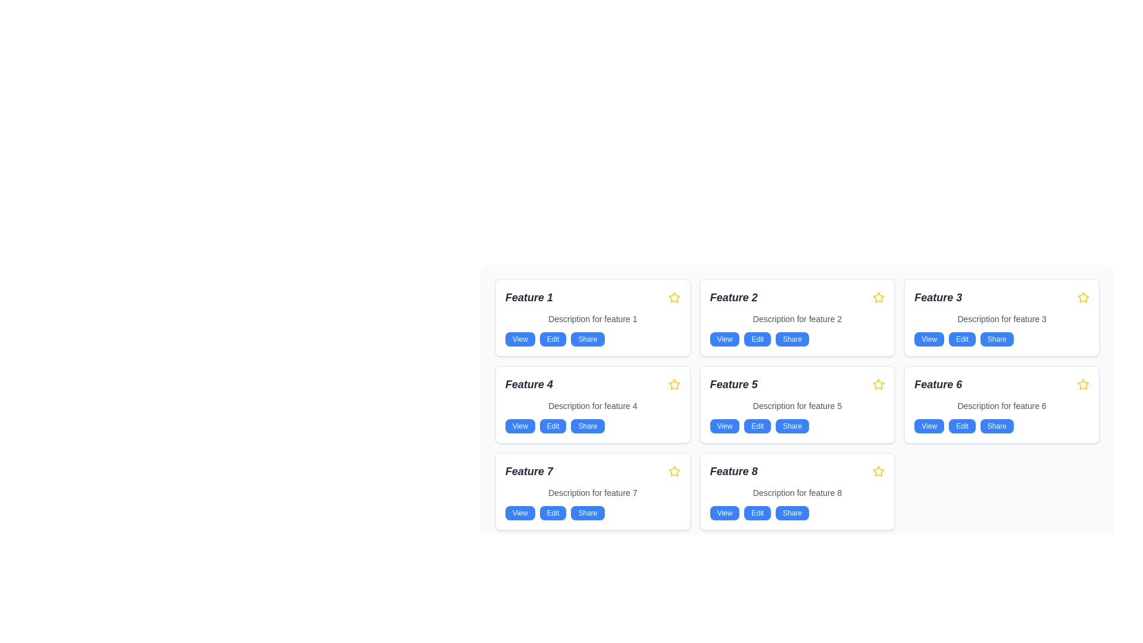 The width and height of the screenshot is (1143, 643). What do you see at coordinates (879, 384) in the screenshot?
I see `the star icon in the top-right corner of the card labeled 'Feature 5' to mark it as preferred or important` at bounding box center [879, 384].